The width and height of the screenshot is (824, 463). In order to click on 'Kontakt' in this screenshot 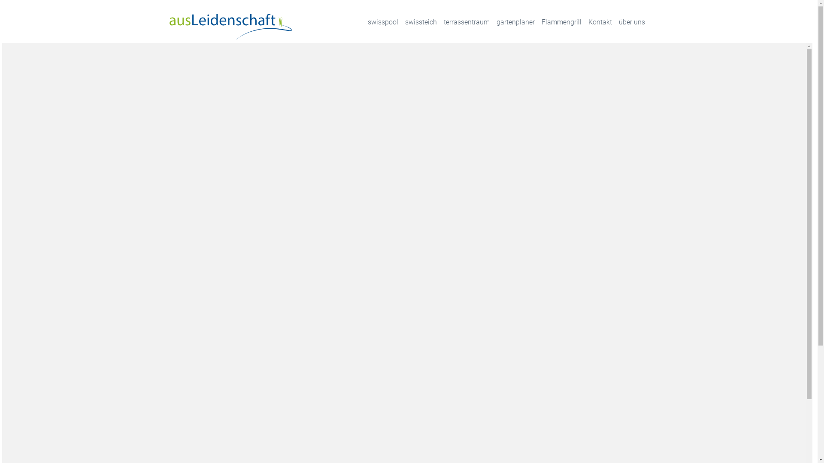, I will do `click(599, 21)`.